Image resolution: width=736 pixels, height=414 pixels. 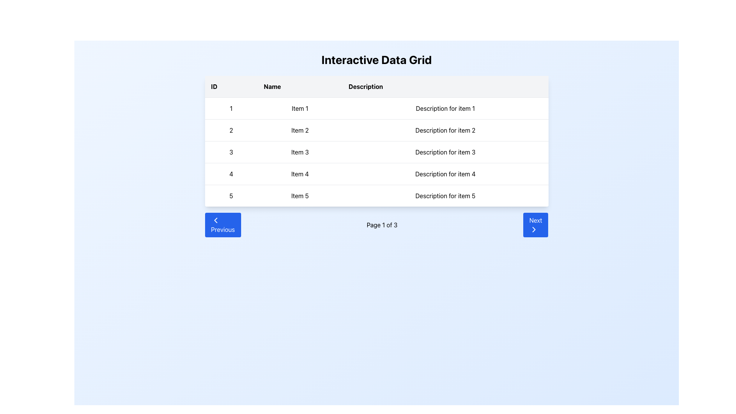 I want to click on the blue rectangular 'Previous' button with rounded corners located in the navigation section, so click(x=222, y=224).